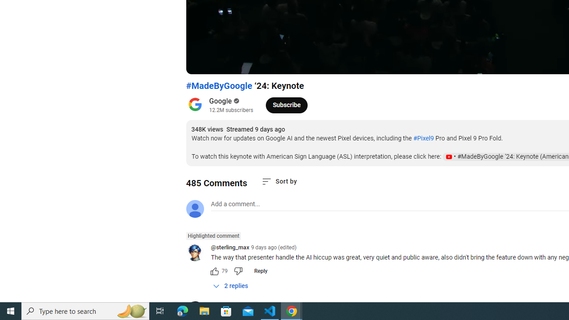 The height and width of the screenshot is (320, 569). What do you see at coordinates (238, 270) in the screenshot?
I see `'Dislike this comment'` at bounding box center [238, 270].